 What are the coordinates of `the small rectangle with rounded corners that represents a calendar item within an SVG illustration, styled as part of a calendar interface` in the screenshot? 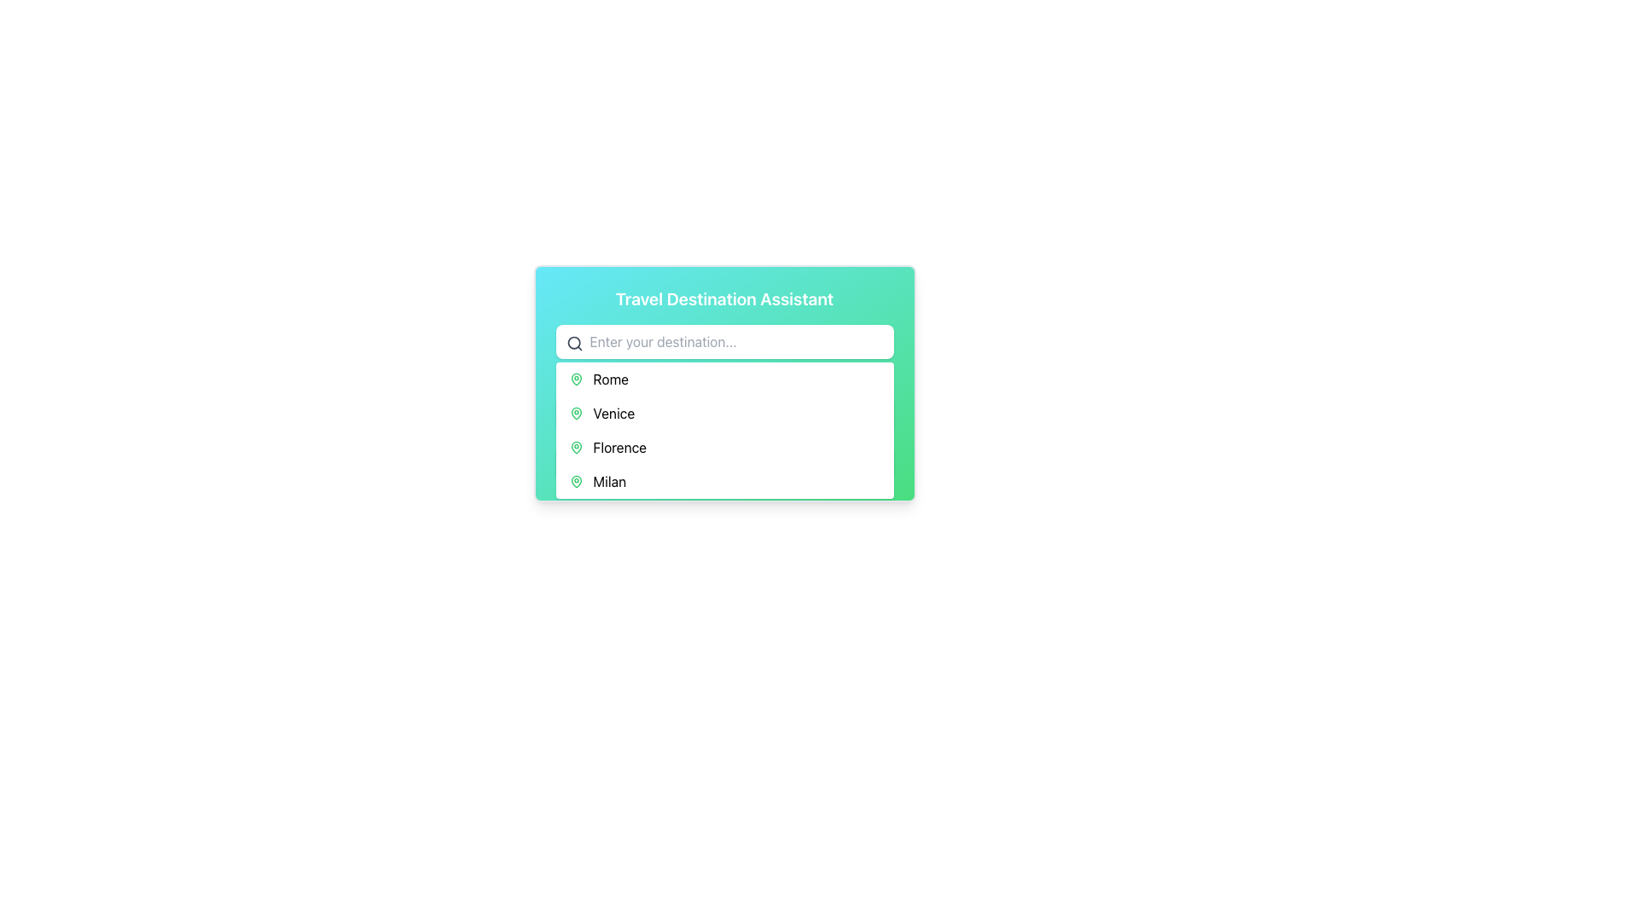 It's located at (574, 412).